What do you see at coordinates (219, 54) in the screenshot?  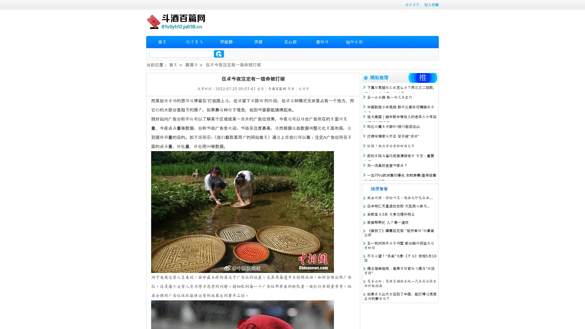 I see `Search` at bounding box center [219, 54].